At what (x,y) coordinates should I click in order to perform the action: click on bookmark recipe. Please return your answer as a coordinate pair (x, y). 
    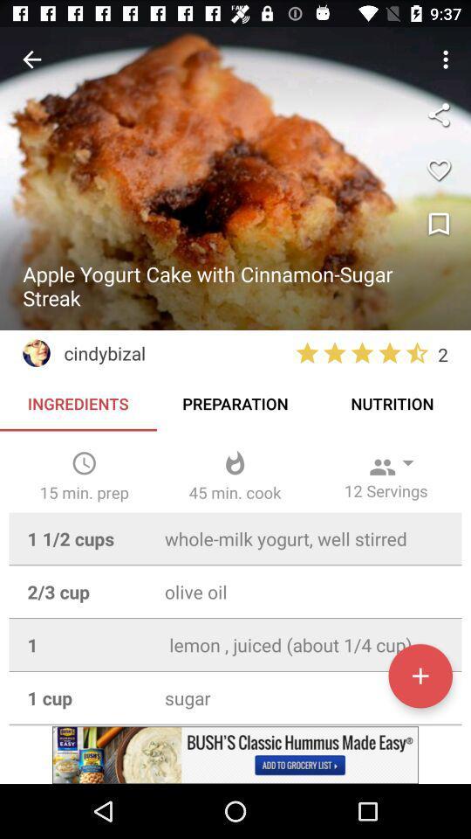
    Looking at the image, I should click on (438, 224).